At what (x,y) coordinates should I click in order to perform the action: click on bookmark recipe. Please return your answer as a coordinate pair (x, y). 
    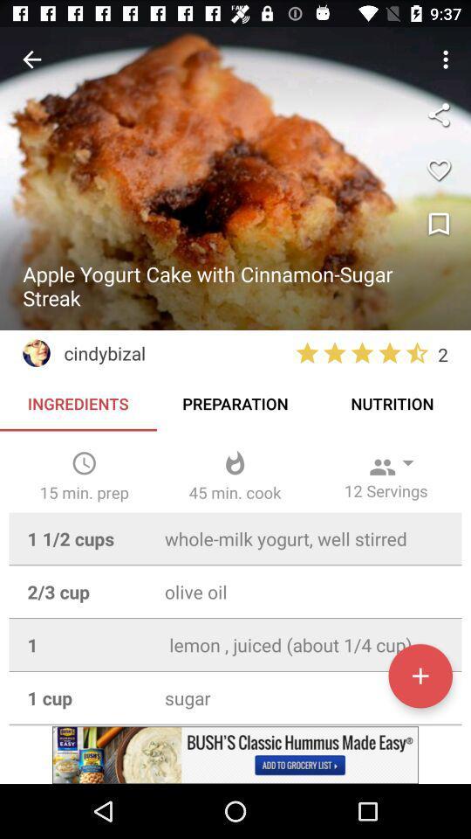
    Looking at the image, I should click on (438, 224).